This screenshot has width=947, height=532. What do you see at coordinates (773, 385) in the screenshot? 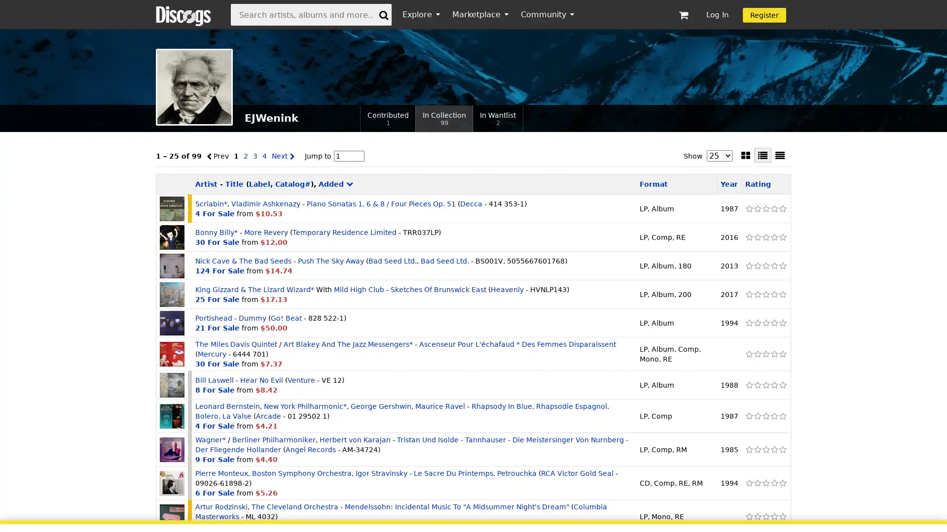
I see `Rate this release 4 stars.` at bounding box center [773, 385].